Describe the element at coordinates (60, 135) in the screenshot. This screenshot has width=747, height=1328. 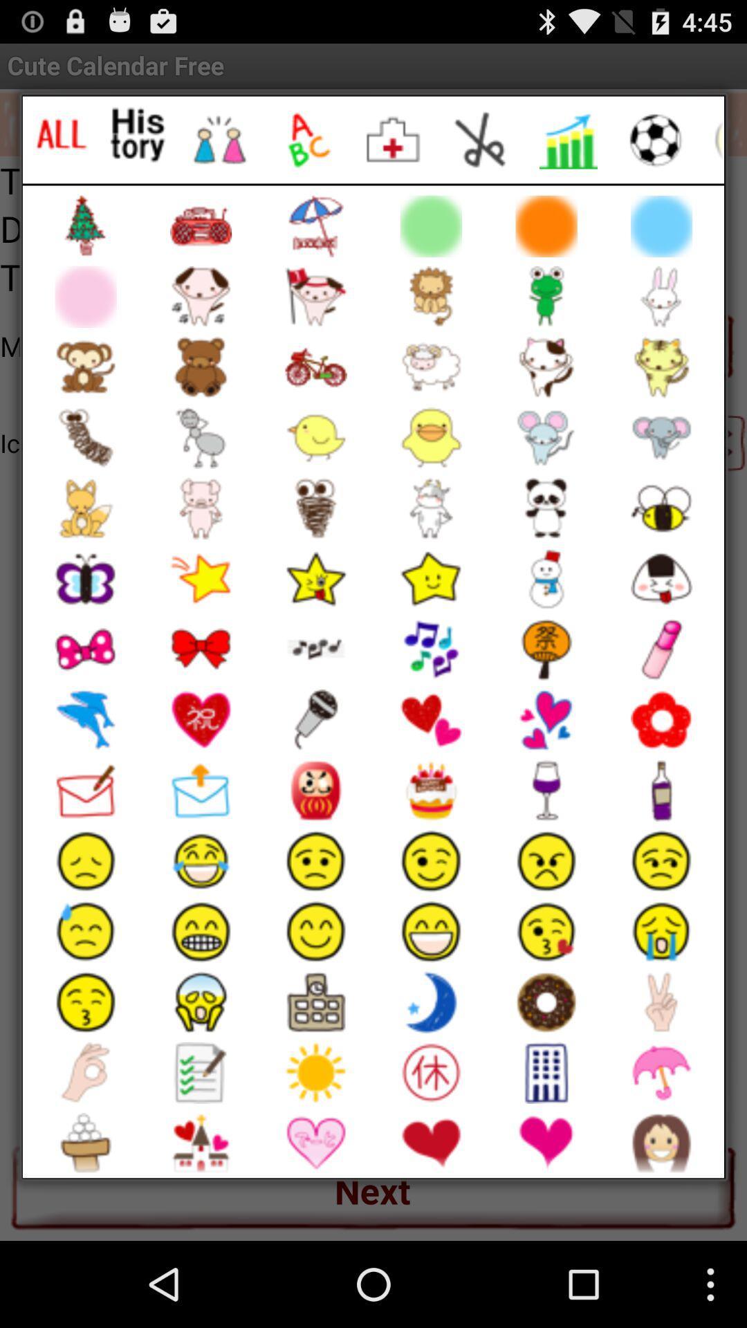
I see `show all images` at that location.